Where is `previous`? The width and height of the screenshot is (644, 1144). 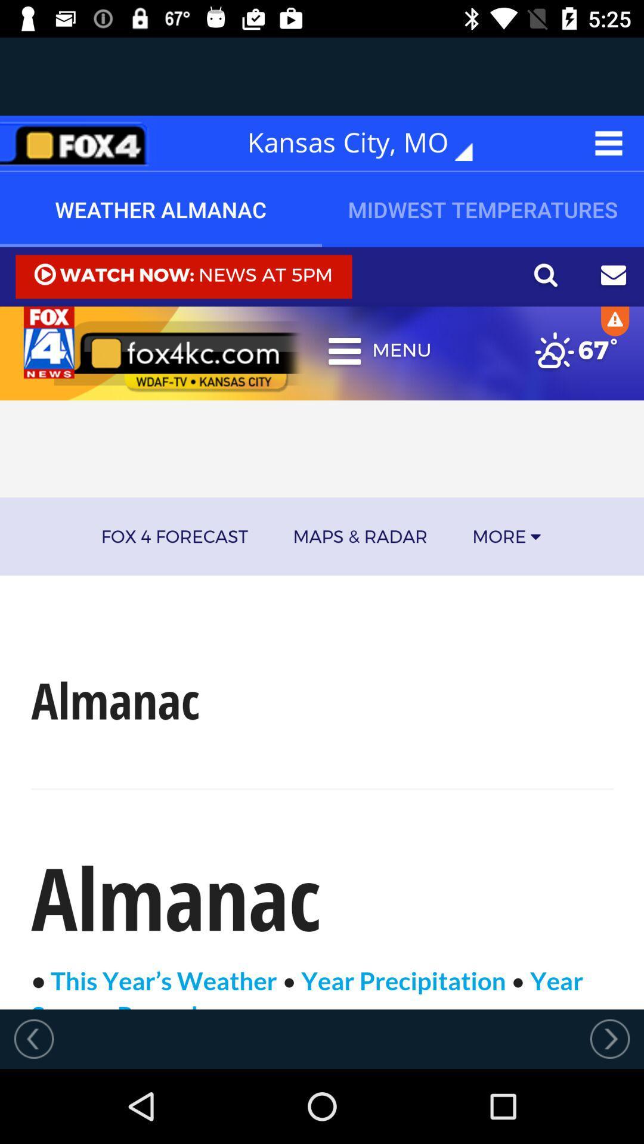 previous is located at coordinates (33, 1038).